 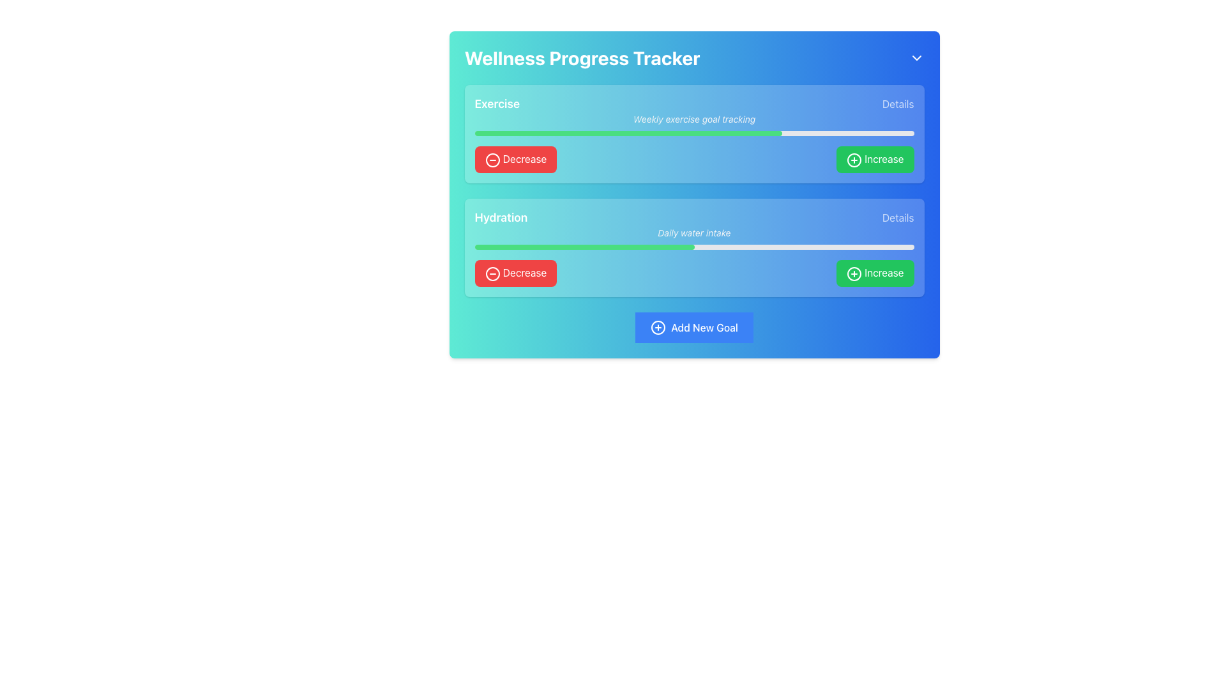 What do you see at coordinates (492, 159) in the screenshot?
I see `the icon representing the action of decreasing a value, located within the red button labeled 'Decrease' in the 'Exercise' section` at bounding box center [492, 159].